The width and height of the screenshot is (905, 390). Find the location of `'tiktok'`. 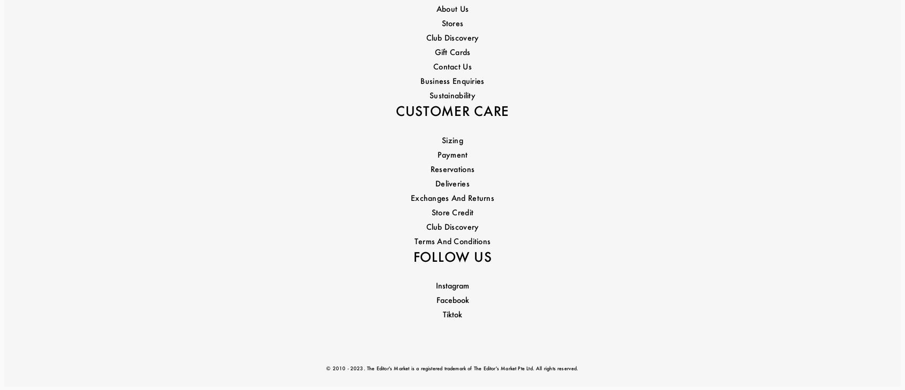

'tiktok' is located at coordinates (452, 229).